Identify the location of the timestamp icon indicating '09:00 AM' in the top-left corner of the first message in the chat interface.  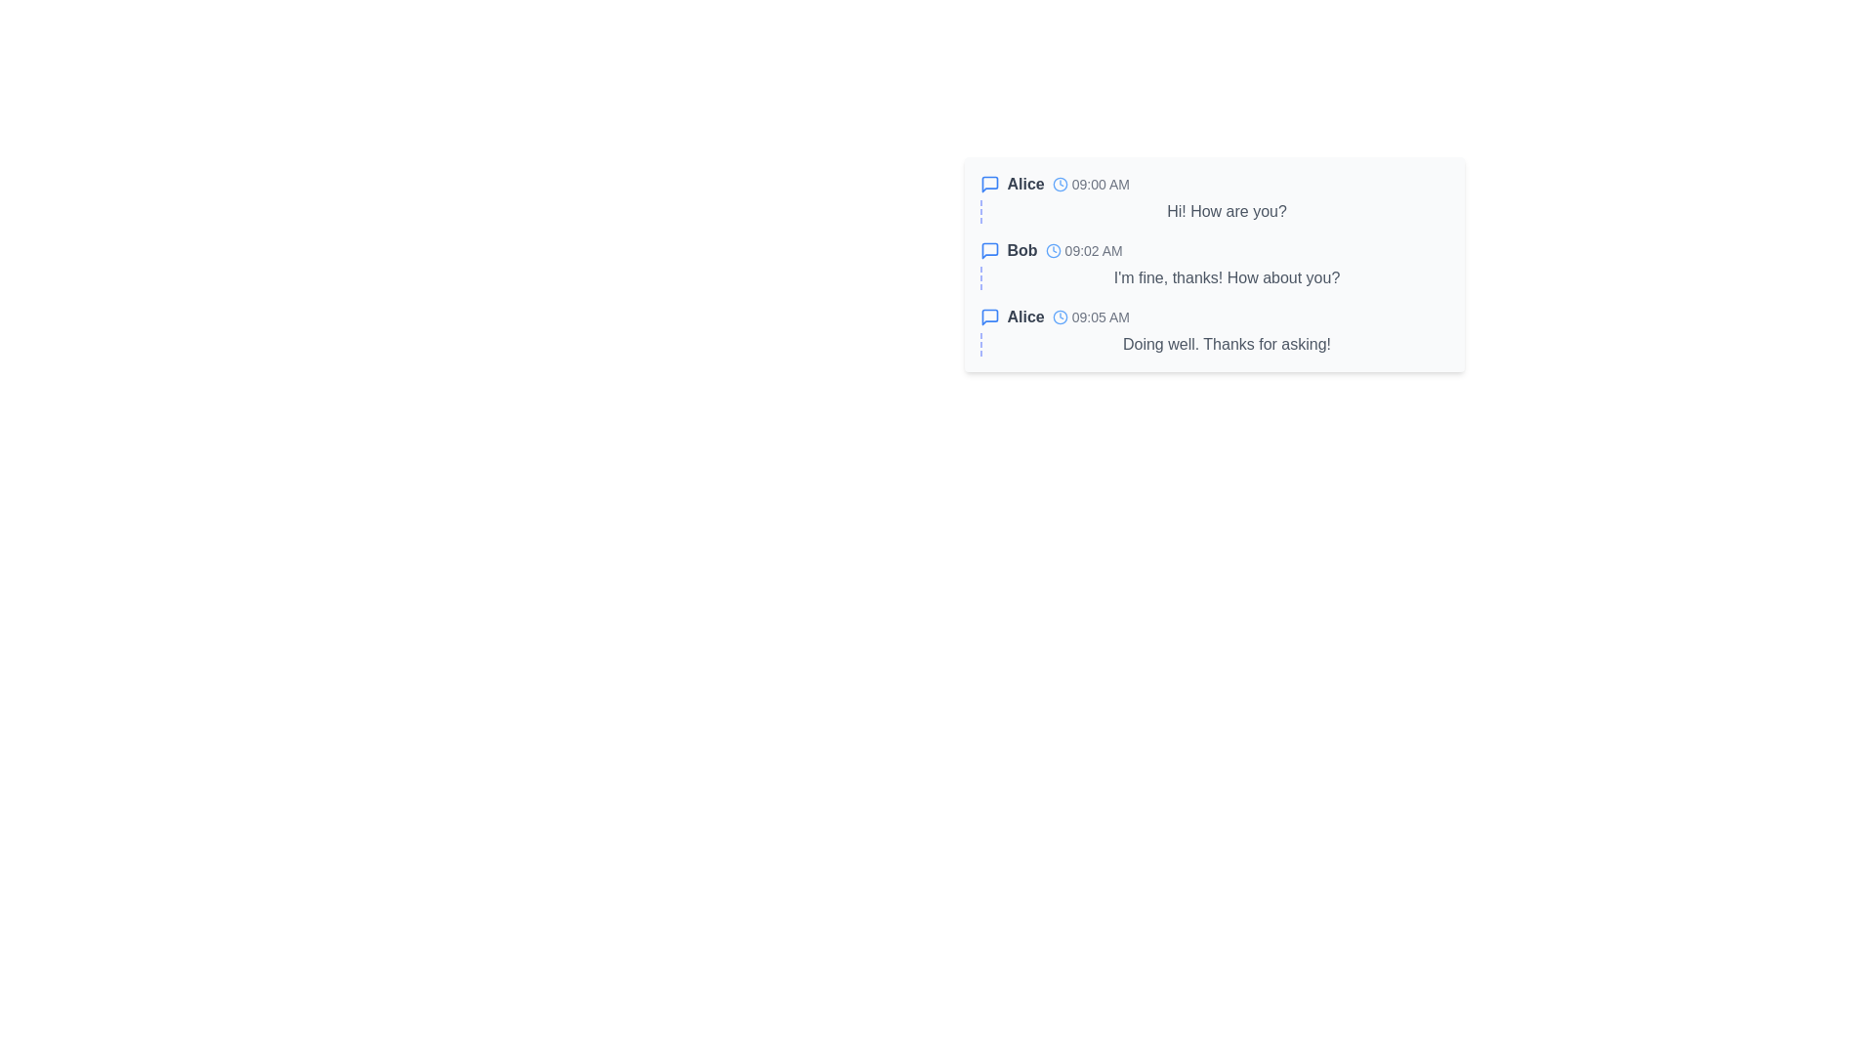
(1059, 185).